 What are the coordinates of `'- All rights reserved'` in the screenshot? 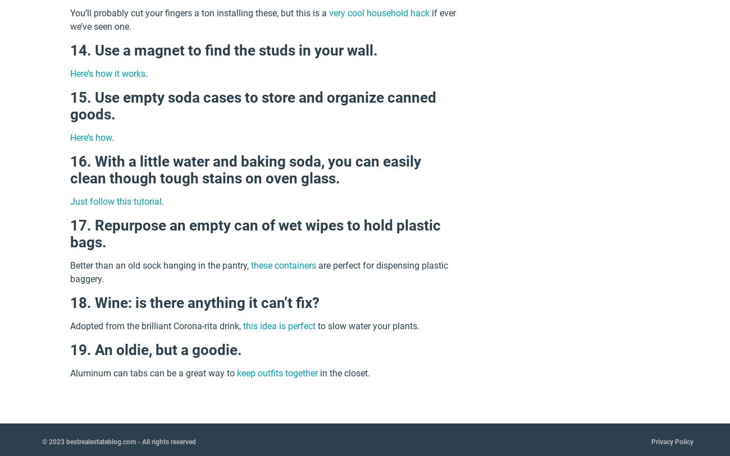 It's located at (135, 441).